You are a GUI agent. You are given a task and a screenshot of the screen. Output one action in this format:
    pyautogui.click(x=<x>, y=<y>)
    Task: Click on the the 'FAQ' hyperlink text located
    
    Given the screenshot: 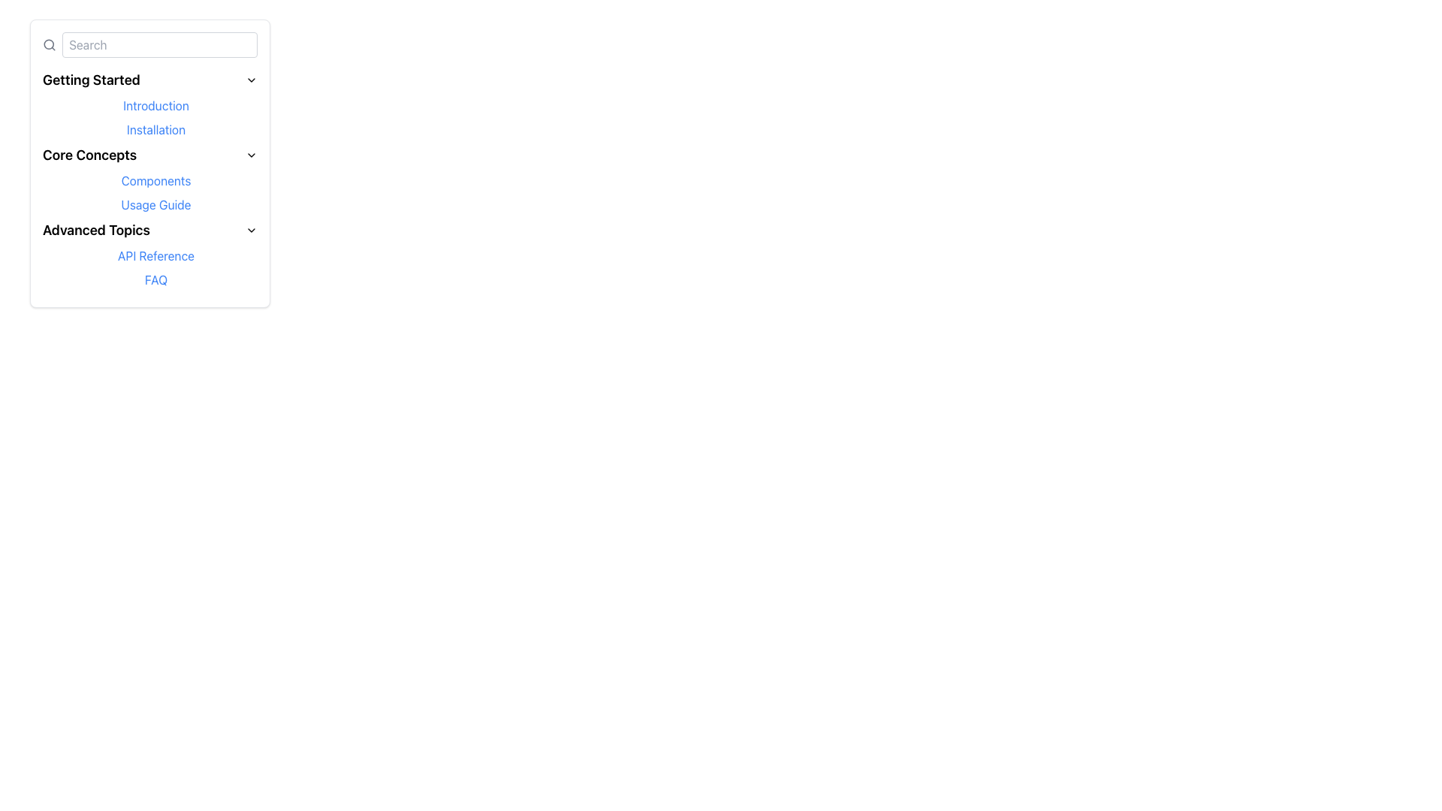 What is the action you would take?
    pyautogui.click(x=155, y=280)
    